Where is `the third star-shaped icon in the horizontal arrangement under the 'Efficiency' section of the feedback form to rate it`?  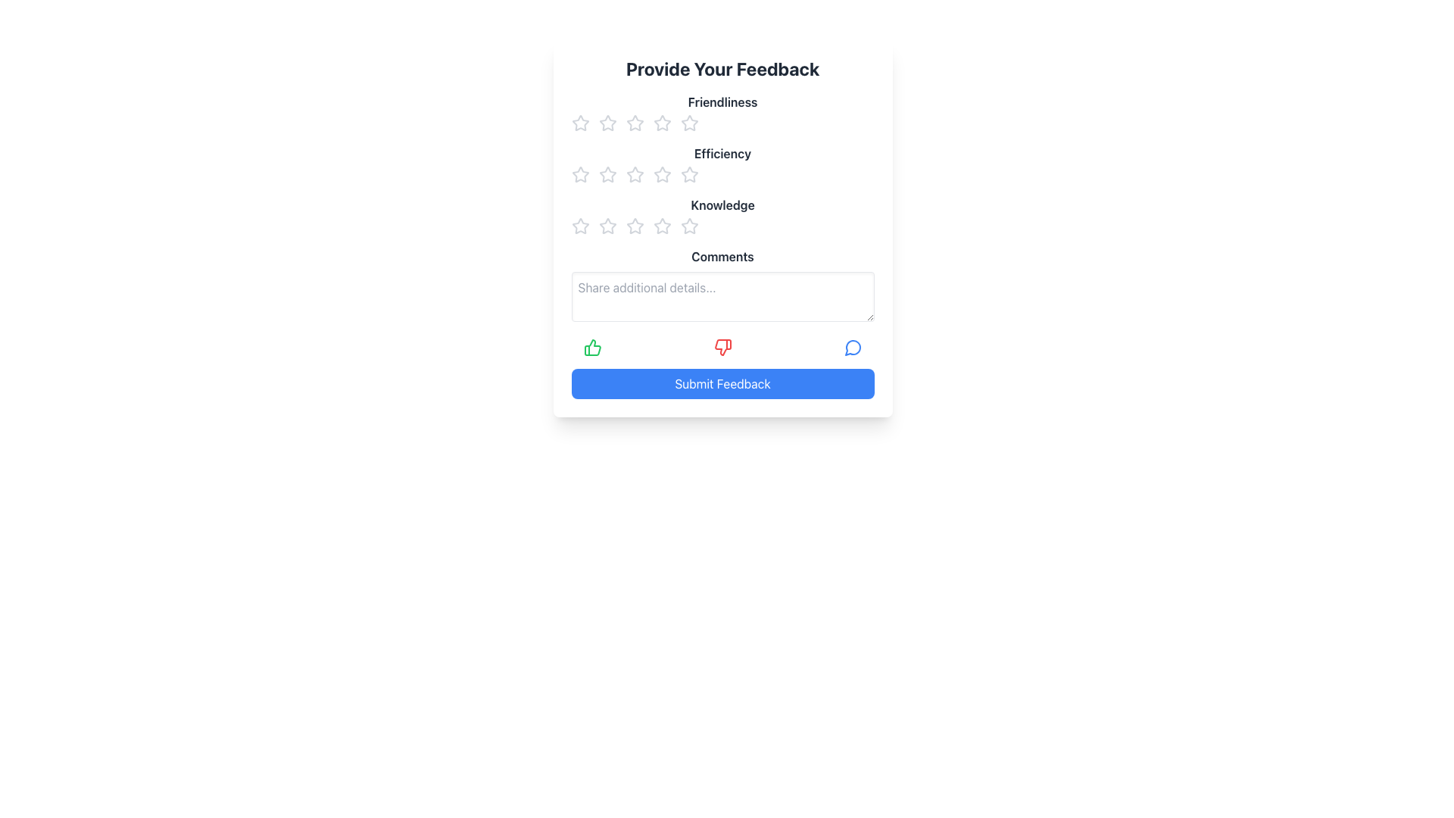
the third star-shaped icon in the horizontal arrangement under the 'Efficiency' section of the feedback form to rate it is located at coordinates (635, 174).